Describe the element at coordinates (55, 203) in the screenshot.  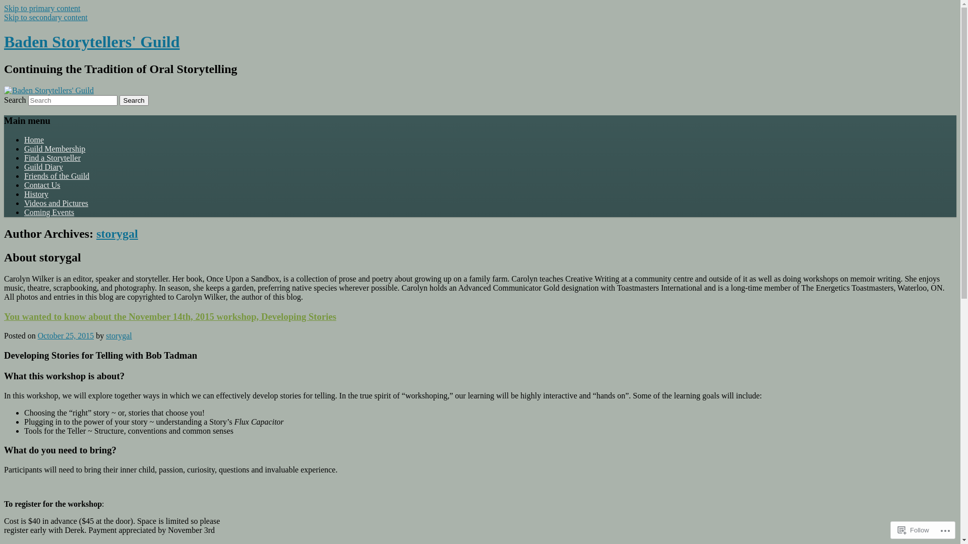
I see `'Videos and Pictures'` at that location.